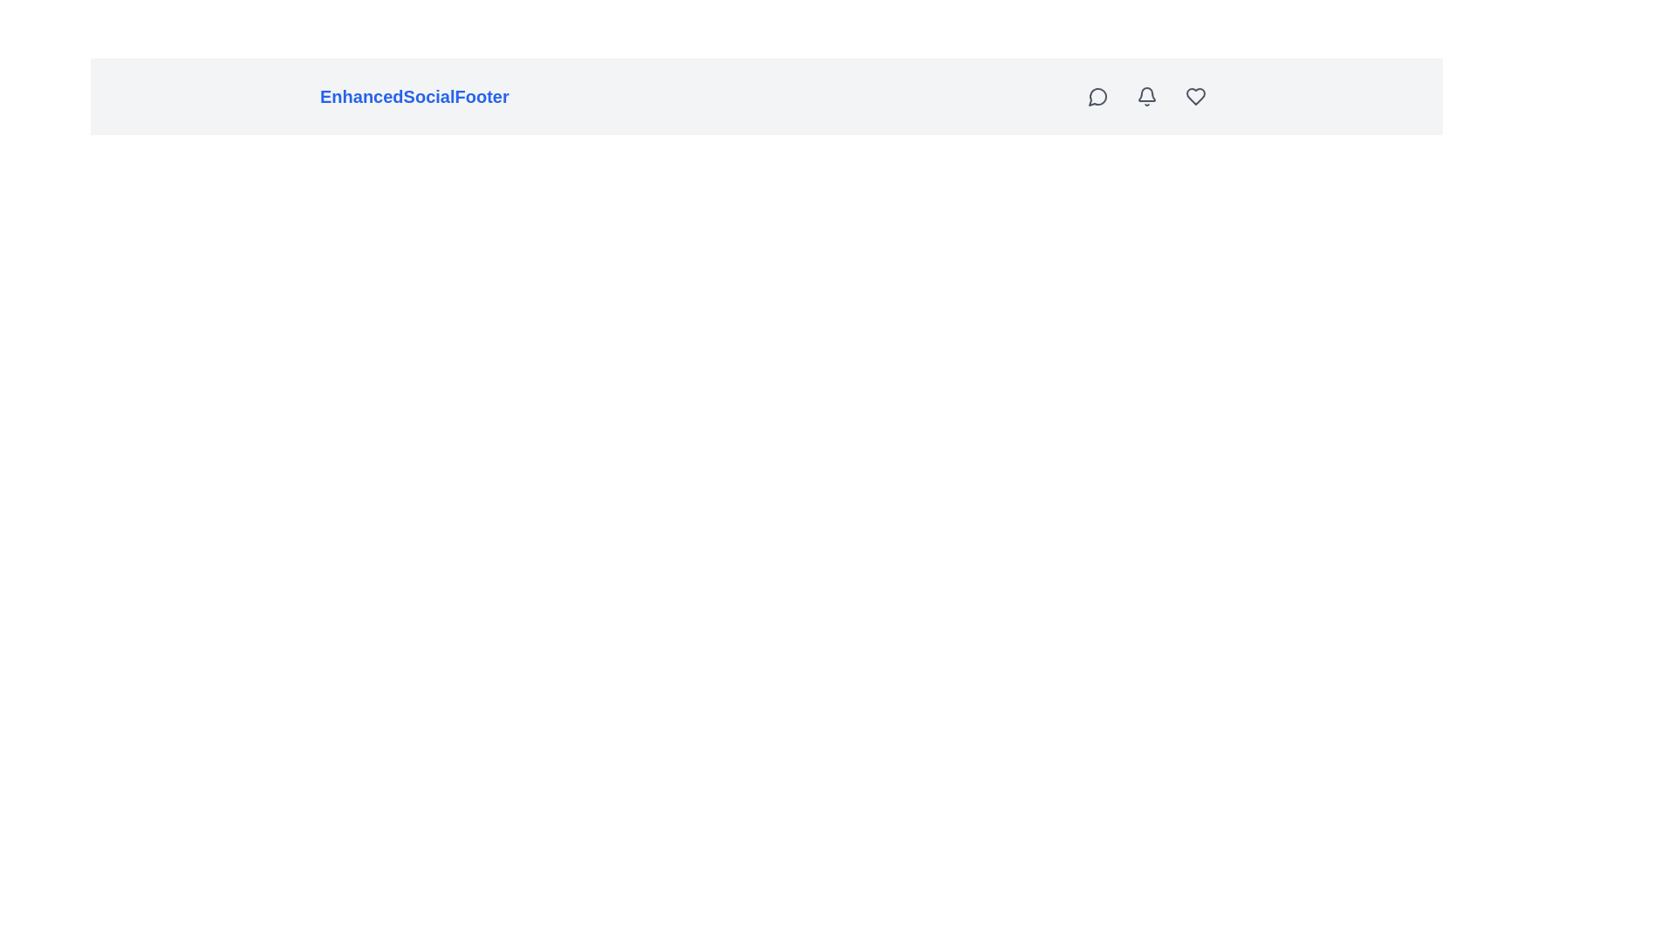 The image size is (1675, 942). What do you see at coordinates (1195, 97) in the screenshot?
I see `the fourth icon from the left, which is a gray outlined heart-shaped icon` at bounding box center [1195, 97].